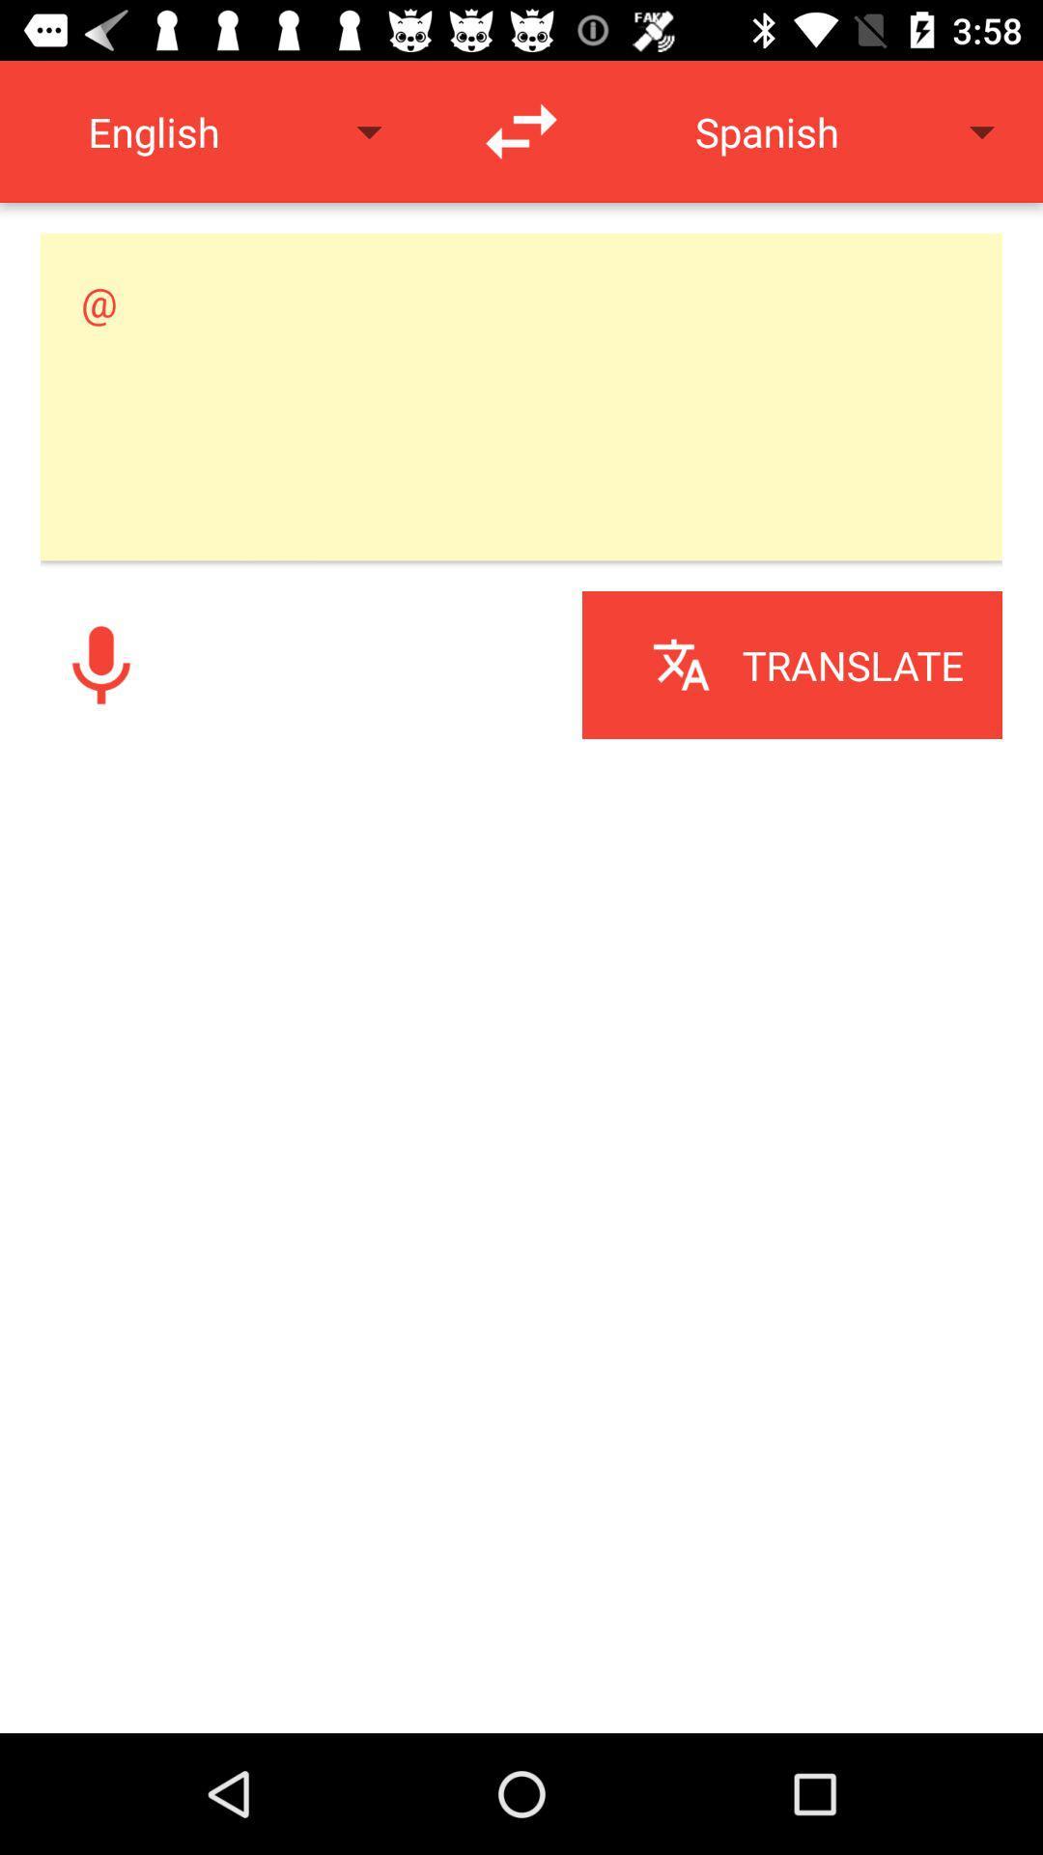 Image resolution: width=1043 pixels, height=1855 pixels. I want to click on voice button, so click(100, 665).